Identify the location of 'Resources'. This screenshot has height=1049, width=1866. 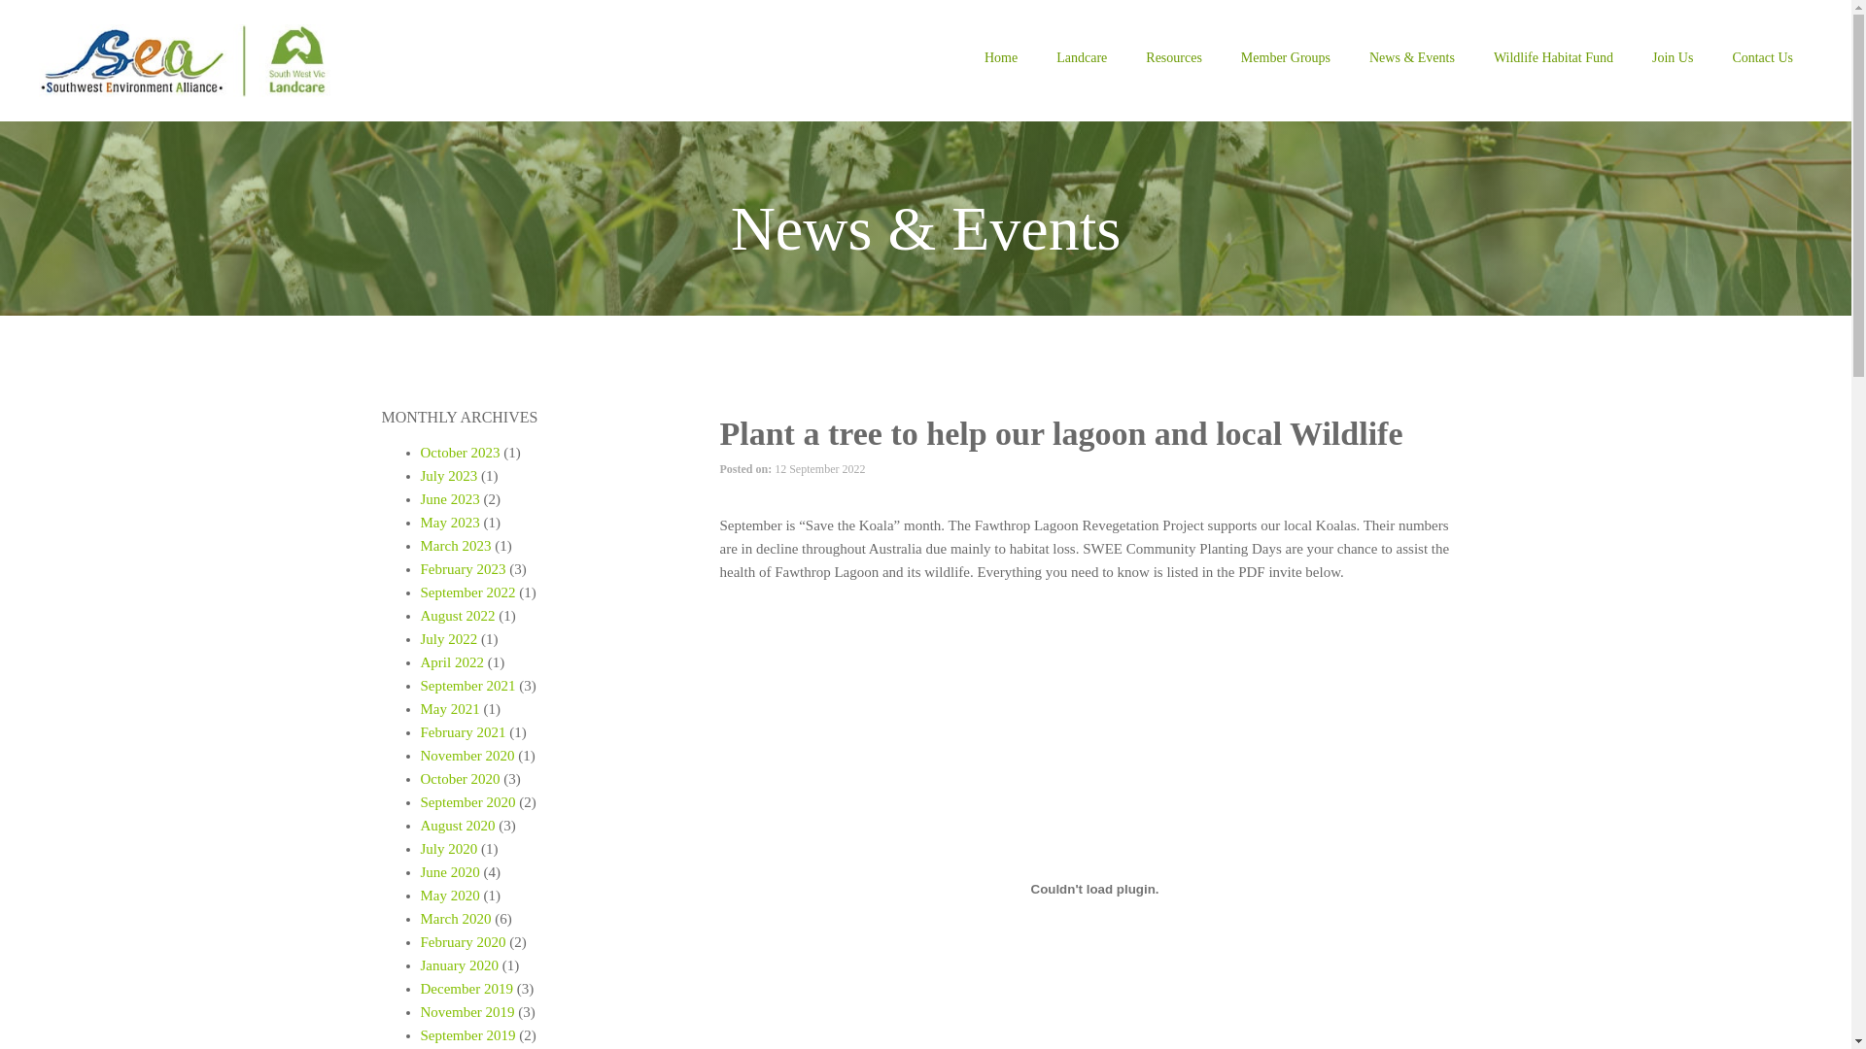
(1173, 59).